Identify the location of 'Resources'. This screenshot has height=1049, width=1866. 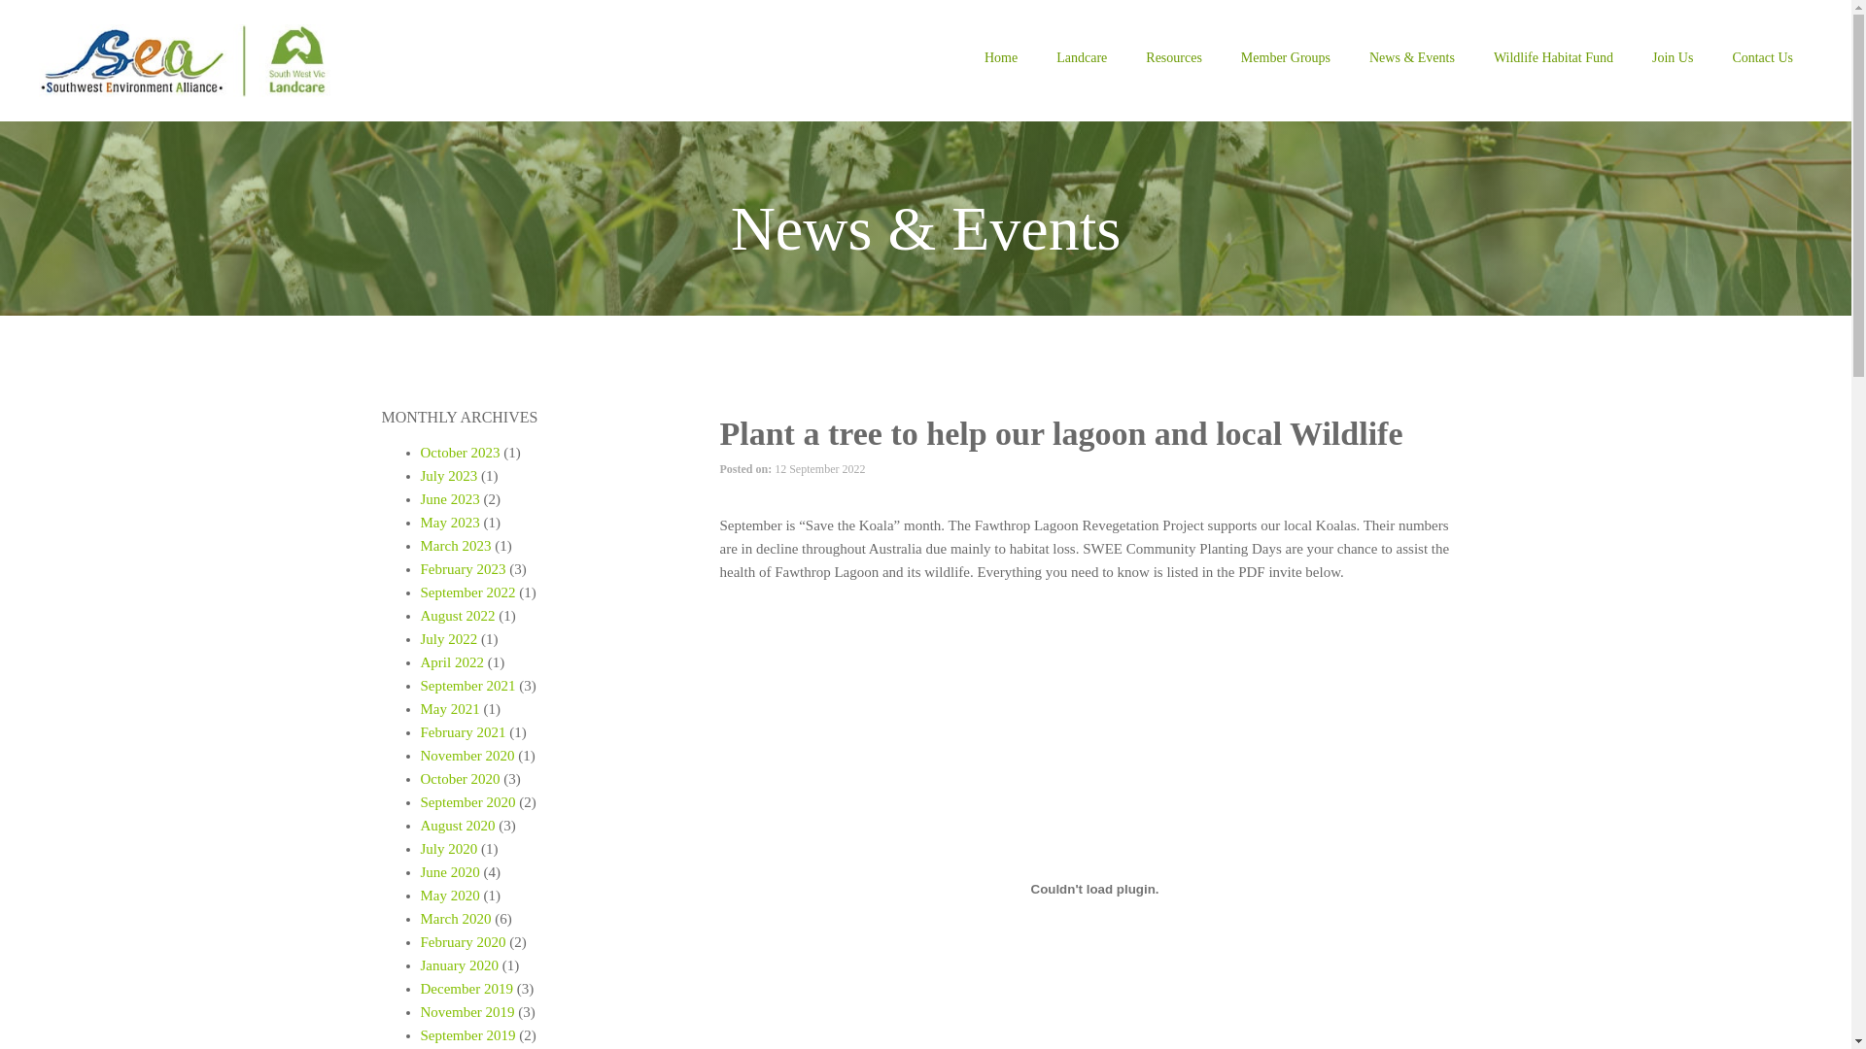
(1173, 59).